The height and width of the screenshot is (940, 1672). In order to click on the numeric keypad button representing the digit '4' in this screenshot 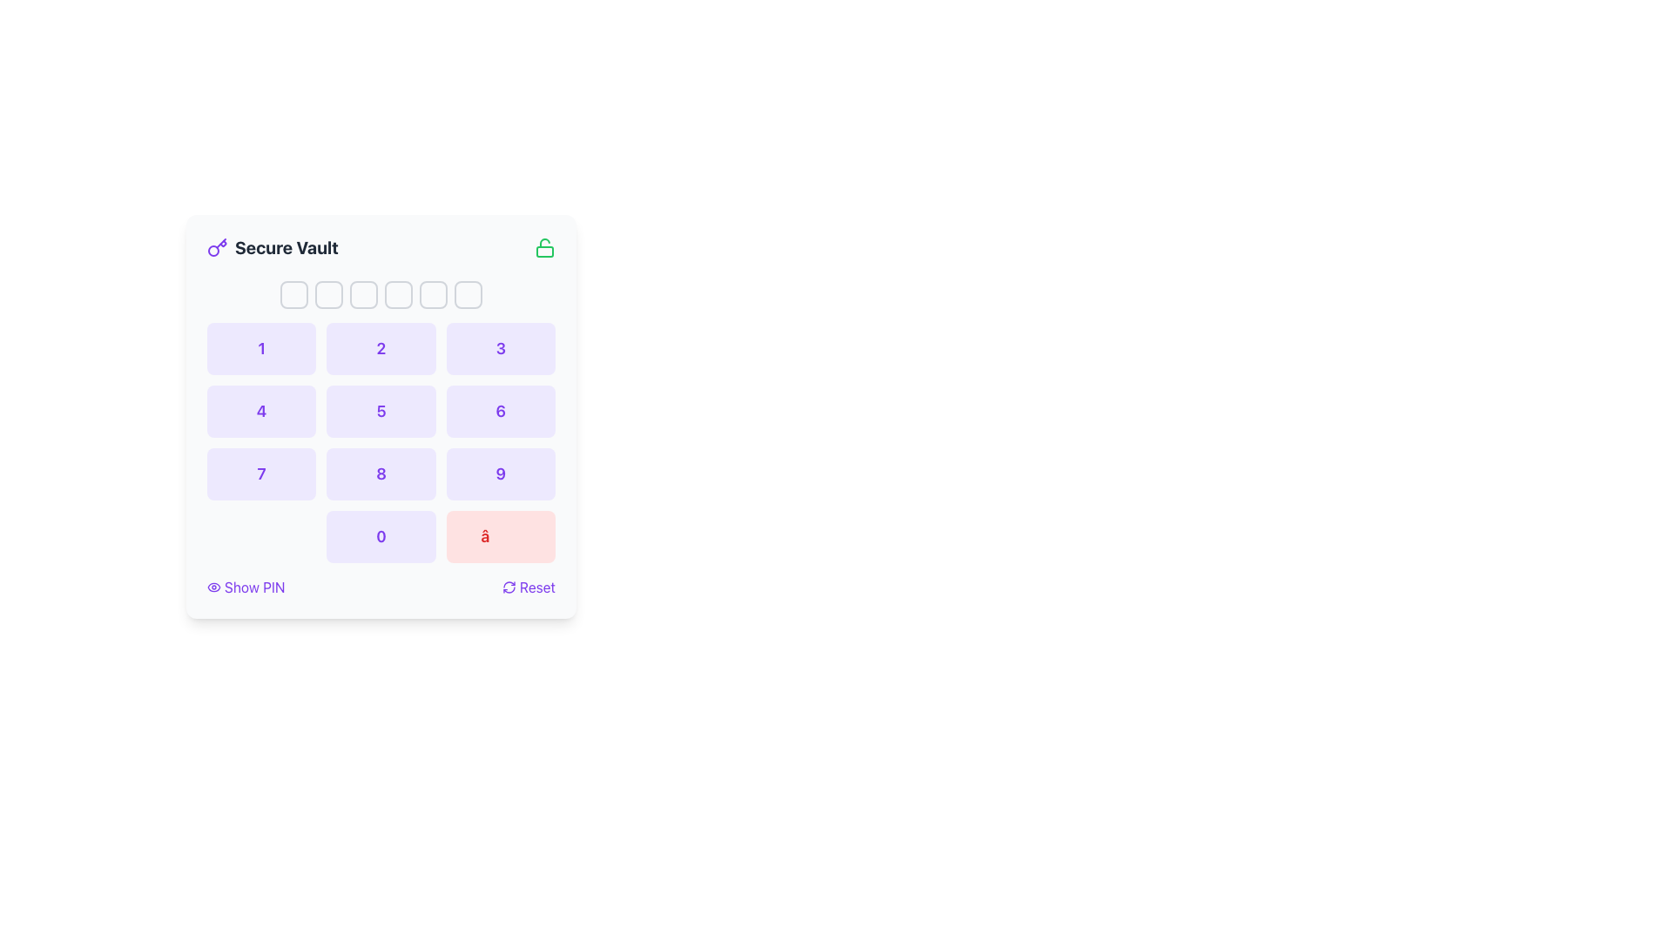, I will do `click(260, 412)`.